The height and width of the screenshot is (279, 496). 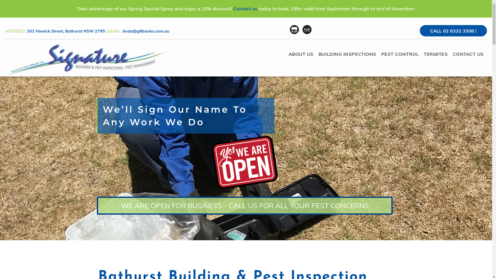 What do you see at coordinates (245, 9) in the screenshot?
I see `'Contact us'` at bounding box center [245, 9].